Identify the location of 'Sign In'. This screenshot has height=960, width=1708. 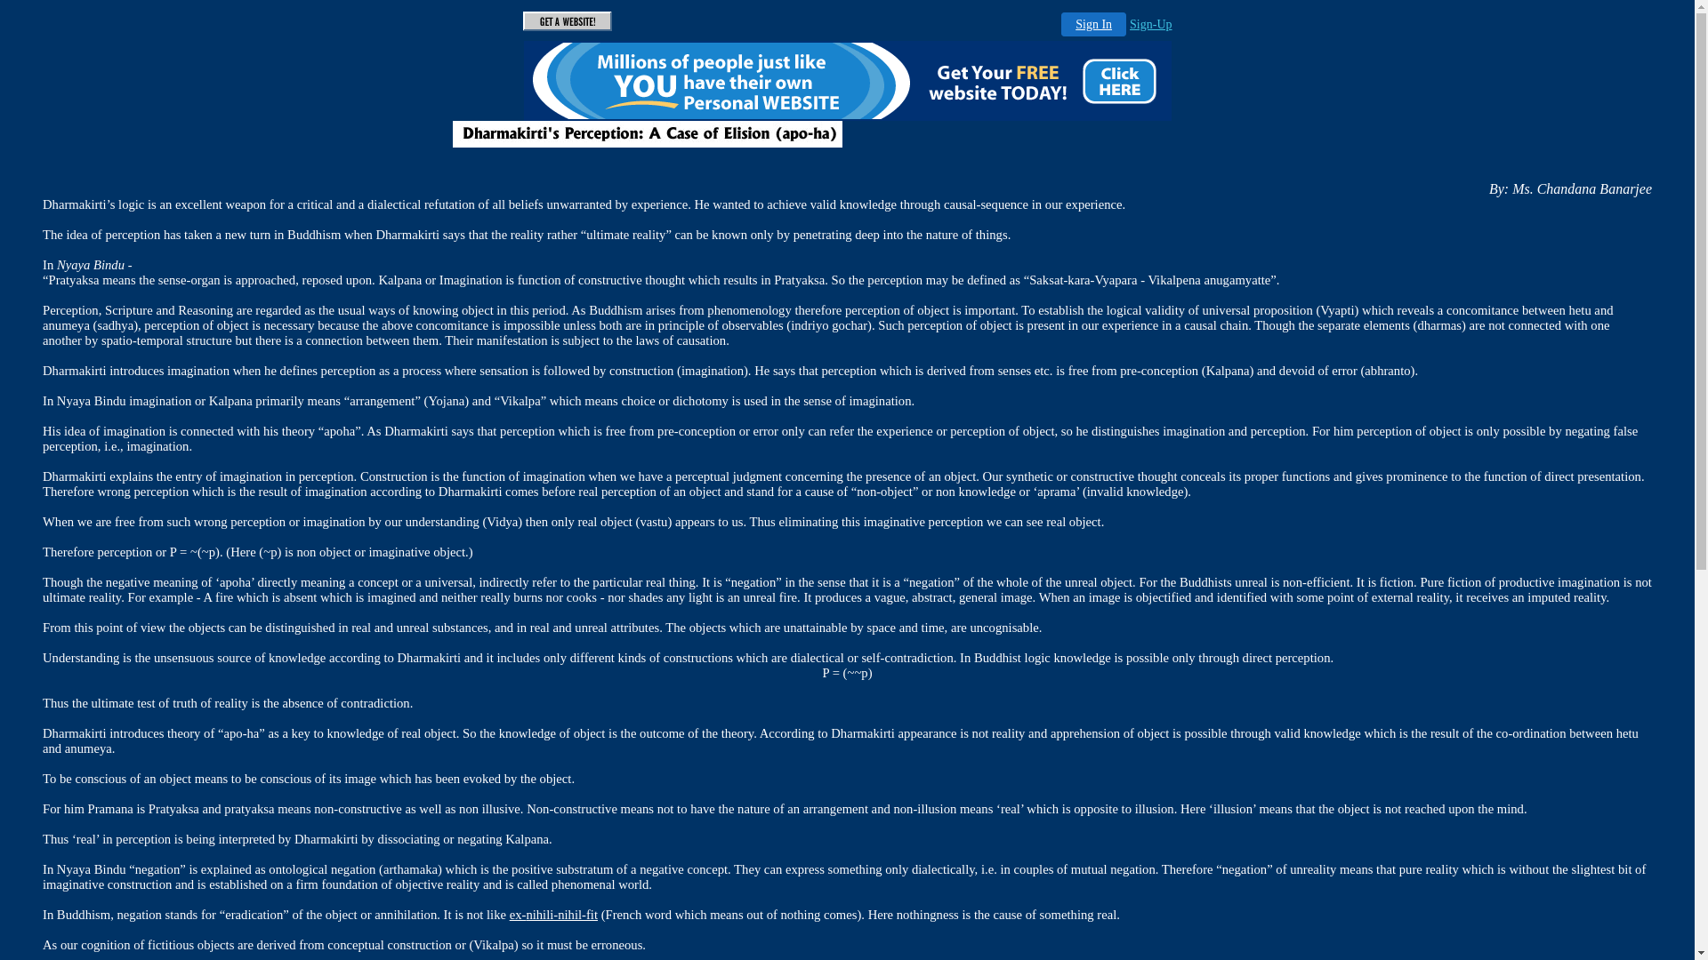
(1061, 24).